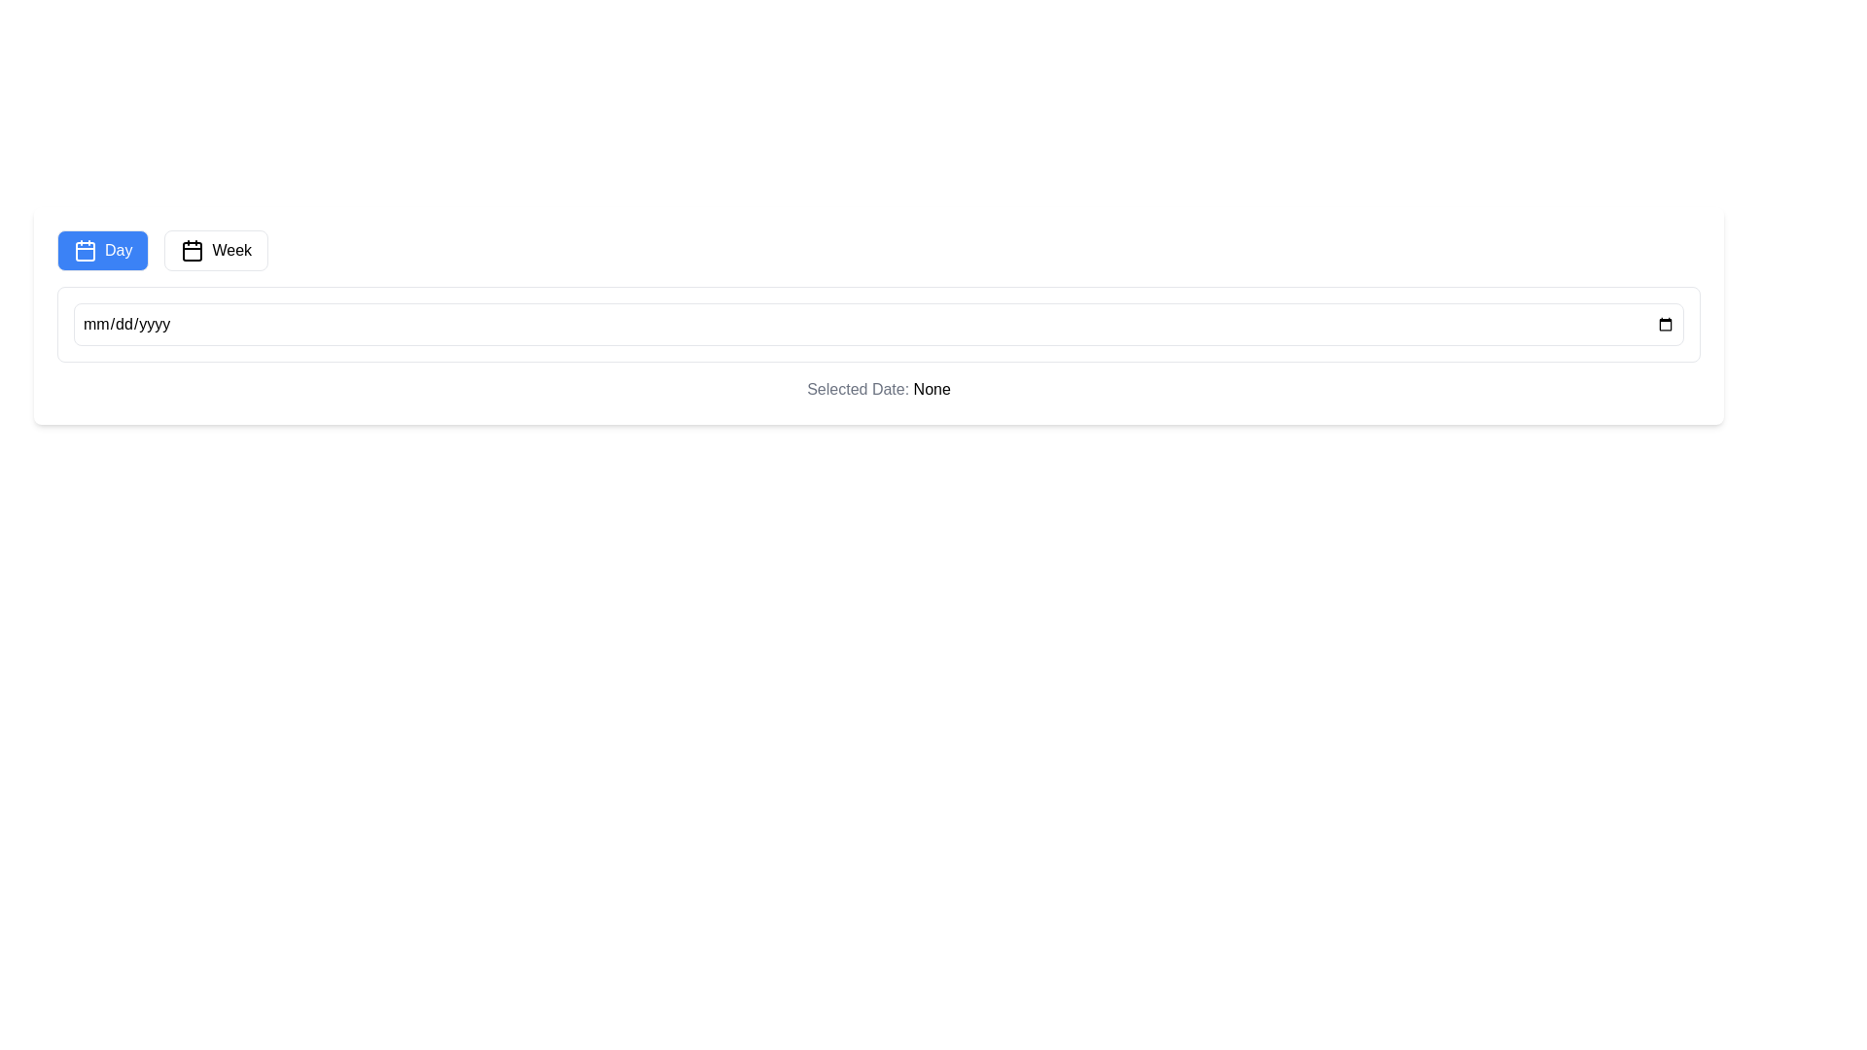 The image size is (1867, 1050). What do you see at coordinates (931, 389) in the screenshot?
I see `static text label displaying the currently selected date, which is currently set to 'None'` at bounding box center [931, 389].